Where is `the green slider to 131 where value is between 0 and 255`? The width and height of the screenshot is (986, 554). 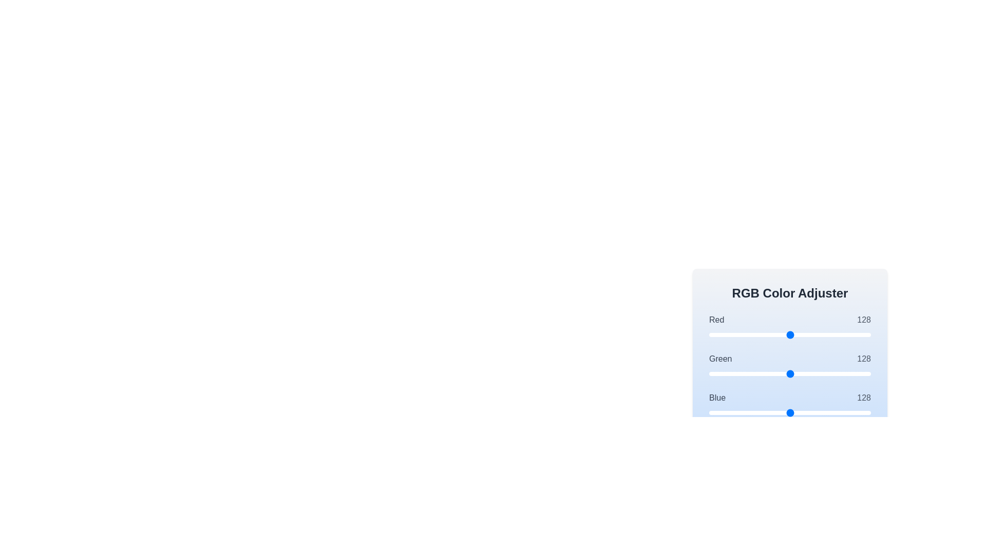
the green slider to 131 where value is between 0 and 255 is located at coordinates (791, 374).